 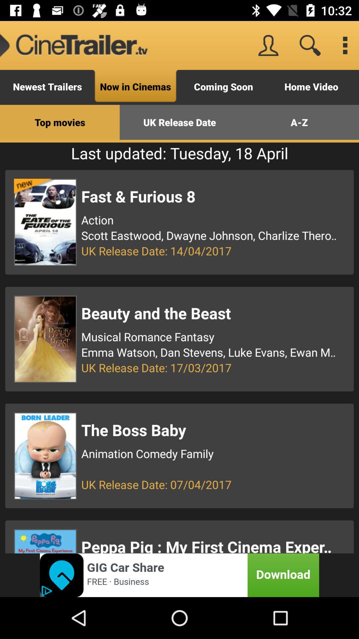 What do you see at coordinates (344, 45) in the screenshot?
I see `open menu option` at bounding box center [344, 45].